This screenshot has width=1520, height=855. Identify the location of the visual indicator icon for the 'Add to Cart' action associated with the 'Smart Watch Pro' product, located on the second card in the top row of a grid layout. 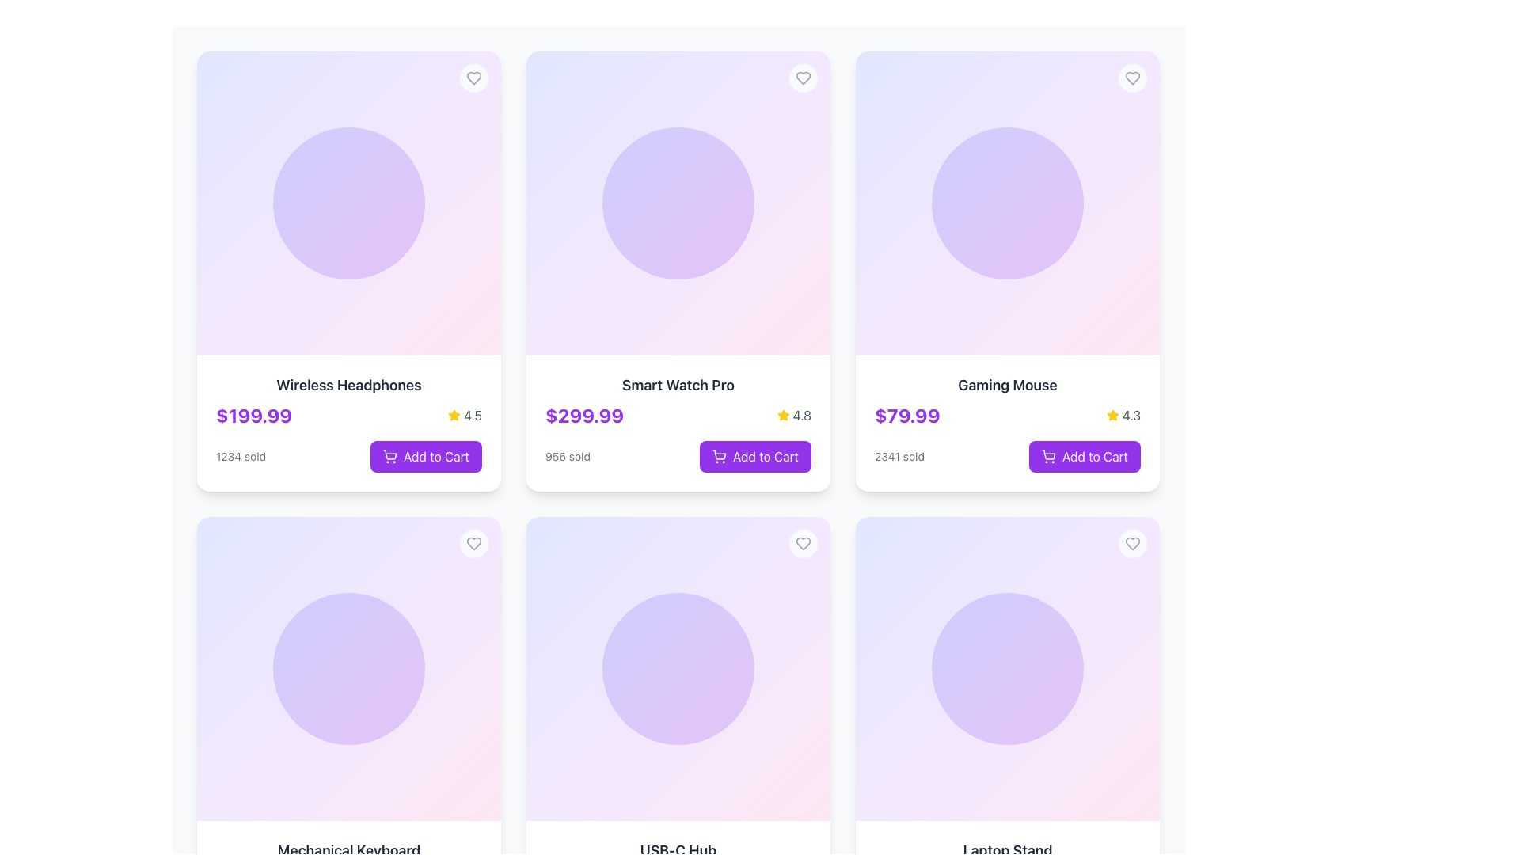
(718, 457).